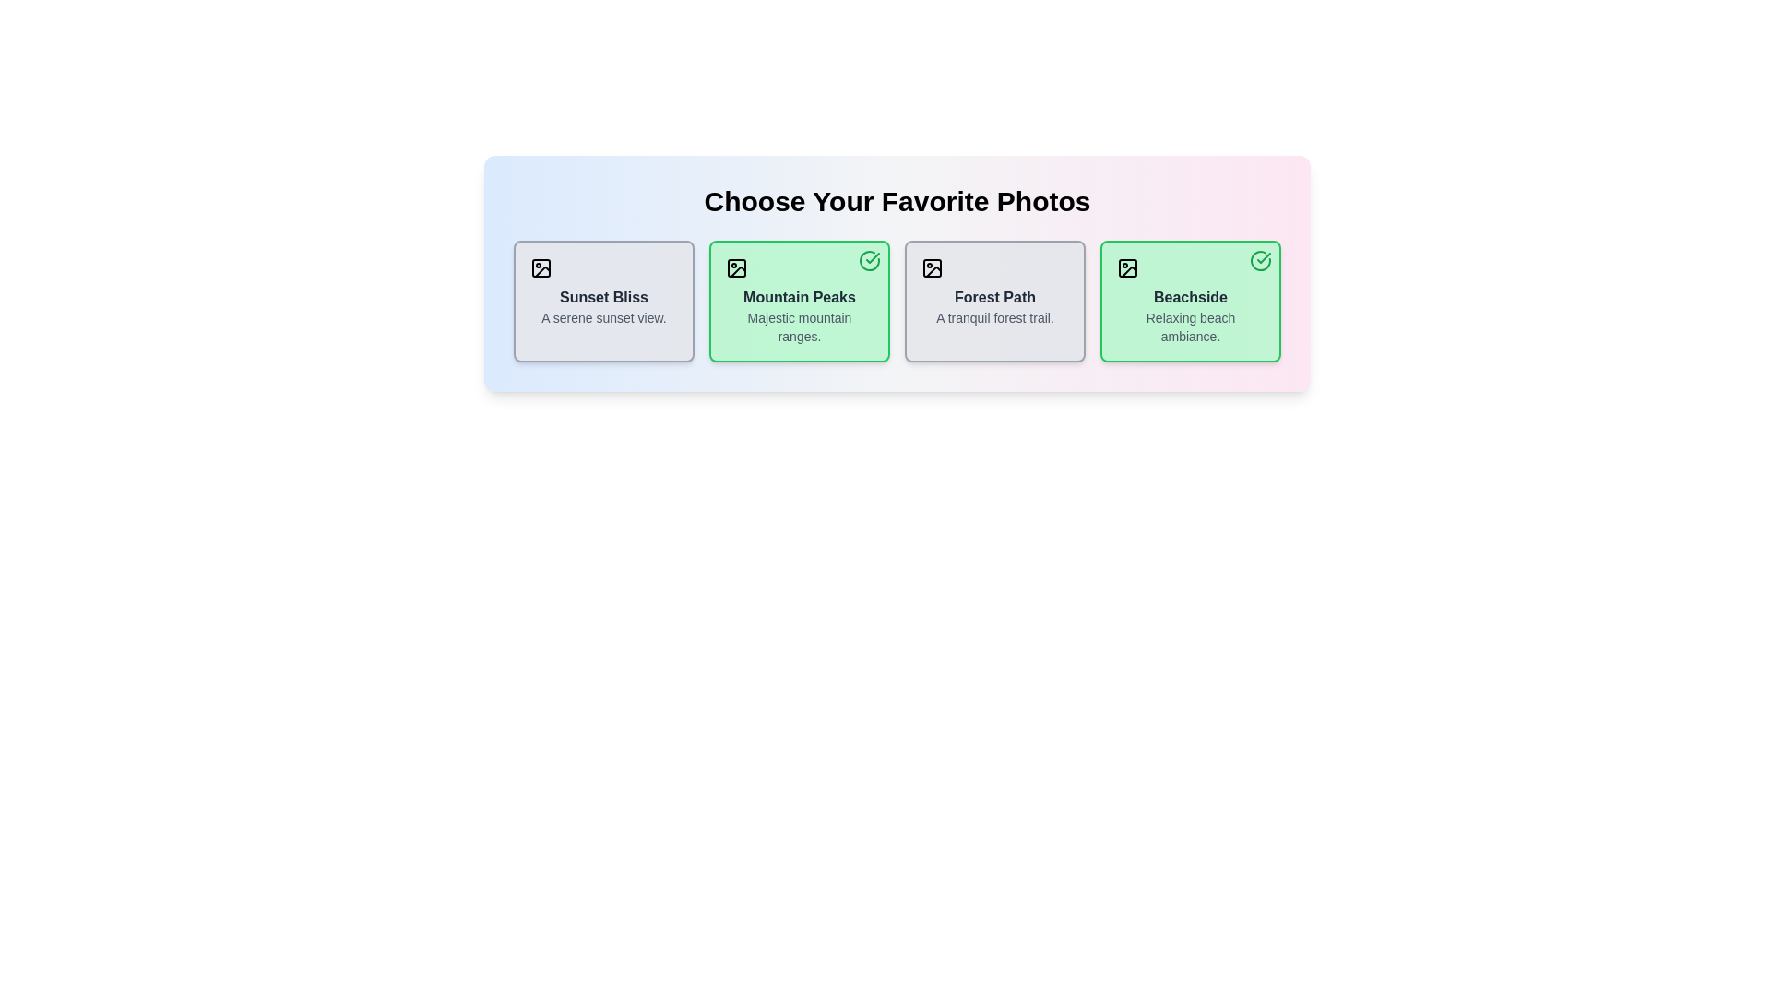 Image resolution: width=1771 pixels, height=996 pixels. I want to click on the photo card titled 'Sunset Bliss' to observe the scale transformation effect, so click(603, 301).